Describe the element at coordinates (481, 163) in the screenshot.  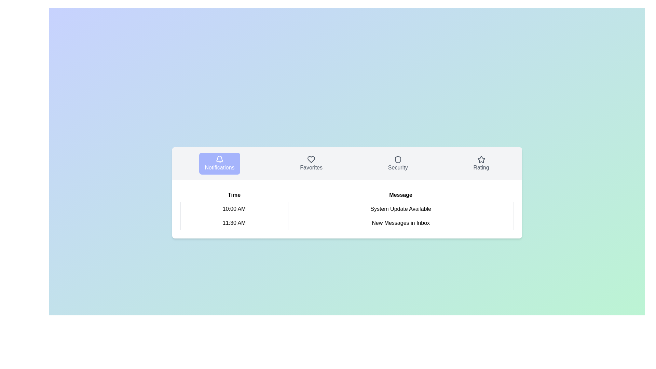
I see `the 'Rating' button, which is the fourth button in a series of interactive elements and features a star icon above the text` at that location.